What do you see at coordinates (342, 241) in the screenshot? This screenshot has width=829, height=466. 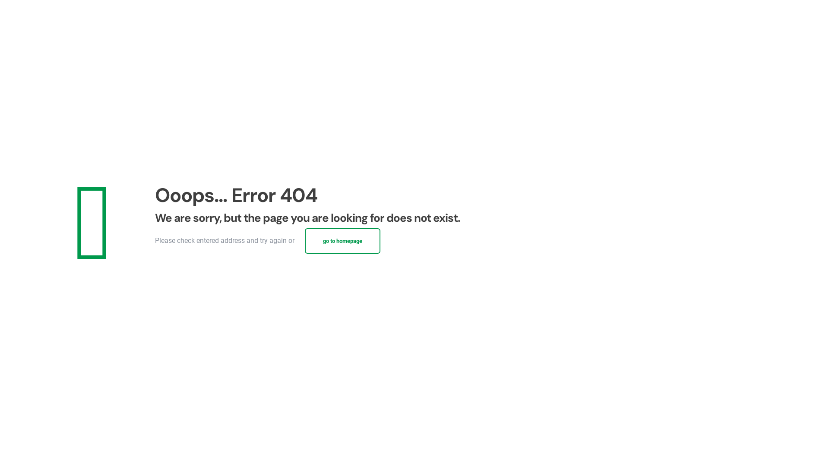 I see `'go to homepage'` at bounding box center [342, 241].